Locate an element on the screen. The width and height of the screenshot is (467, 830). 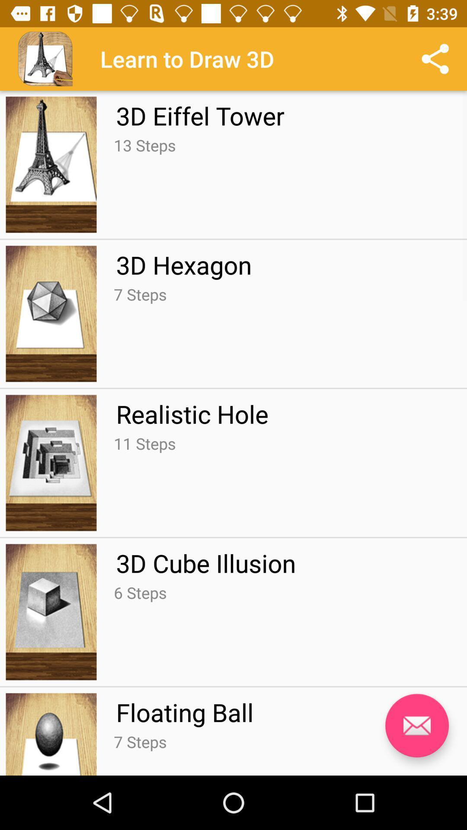
item below the 7 steps icon is located at coordinates (192, 413).